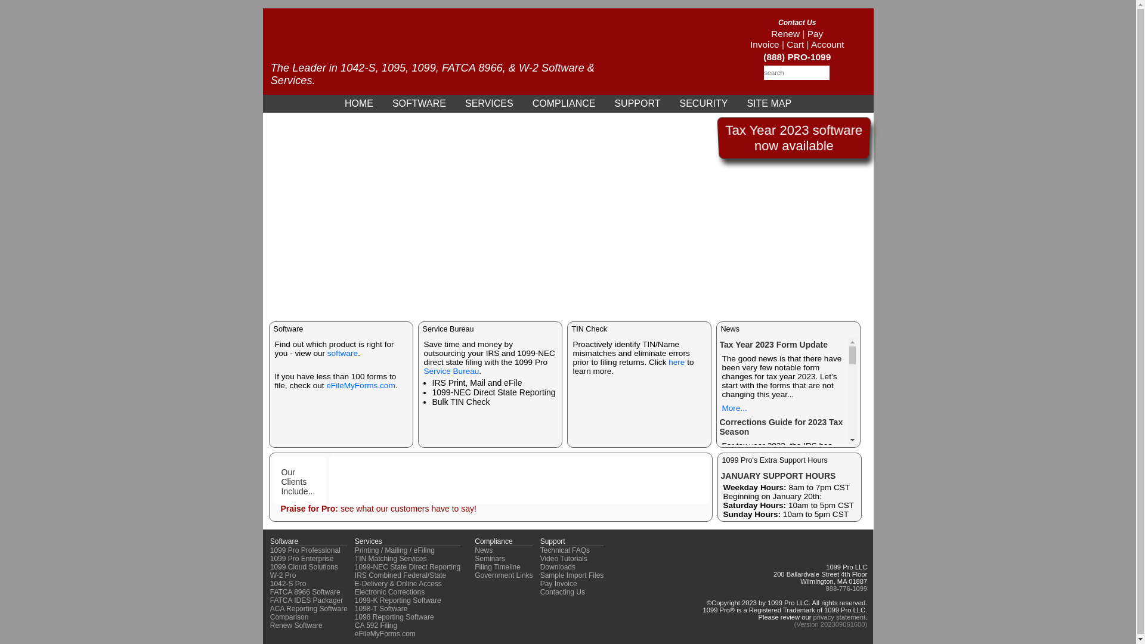  I want to click on 'Tax Year 2023 software, so click(793, 137).